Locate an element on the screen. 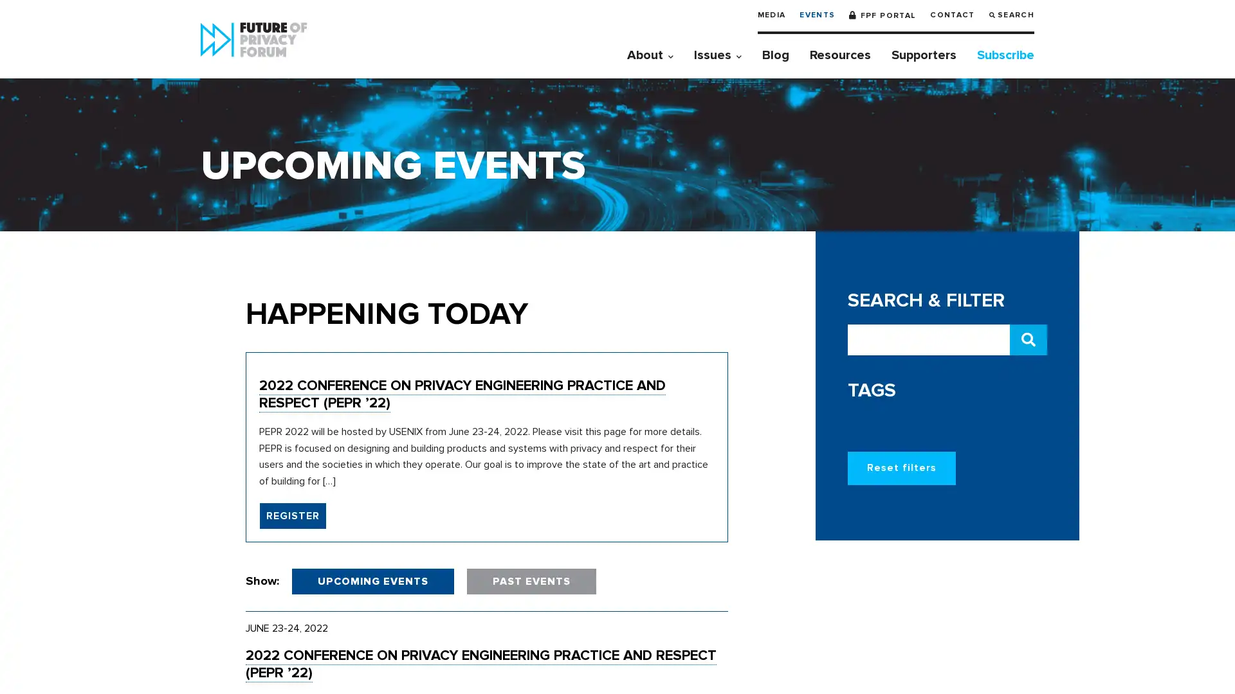 The height and width of the screenshot is (694, 1235). Reset filters is located at coordinates (901, 468).